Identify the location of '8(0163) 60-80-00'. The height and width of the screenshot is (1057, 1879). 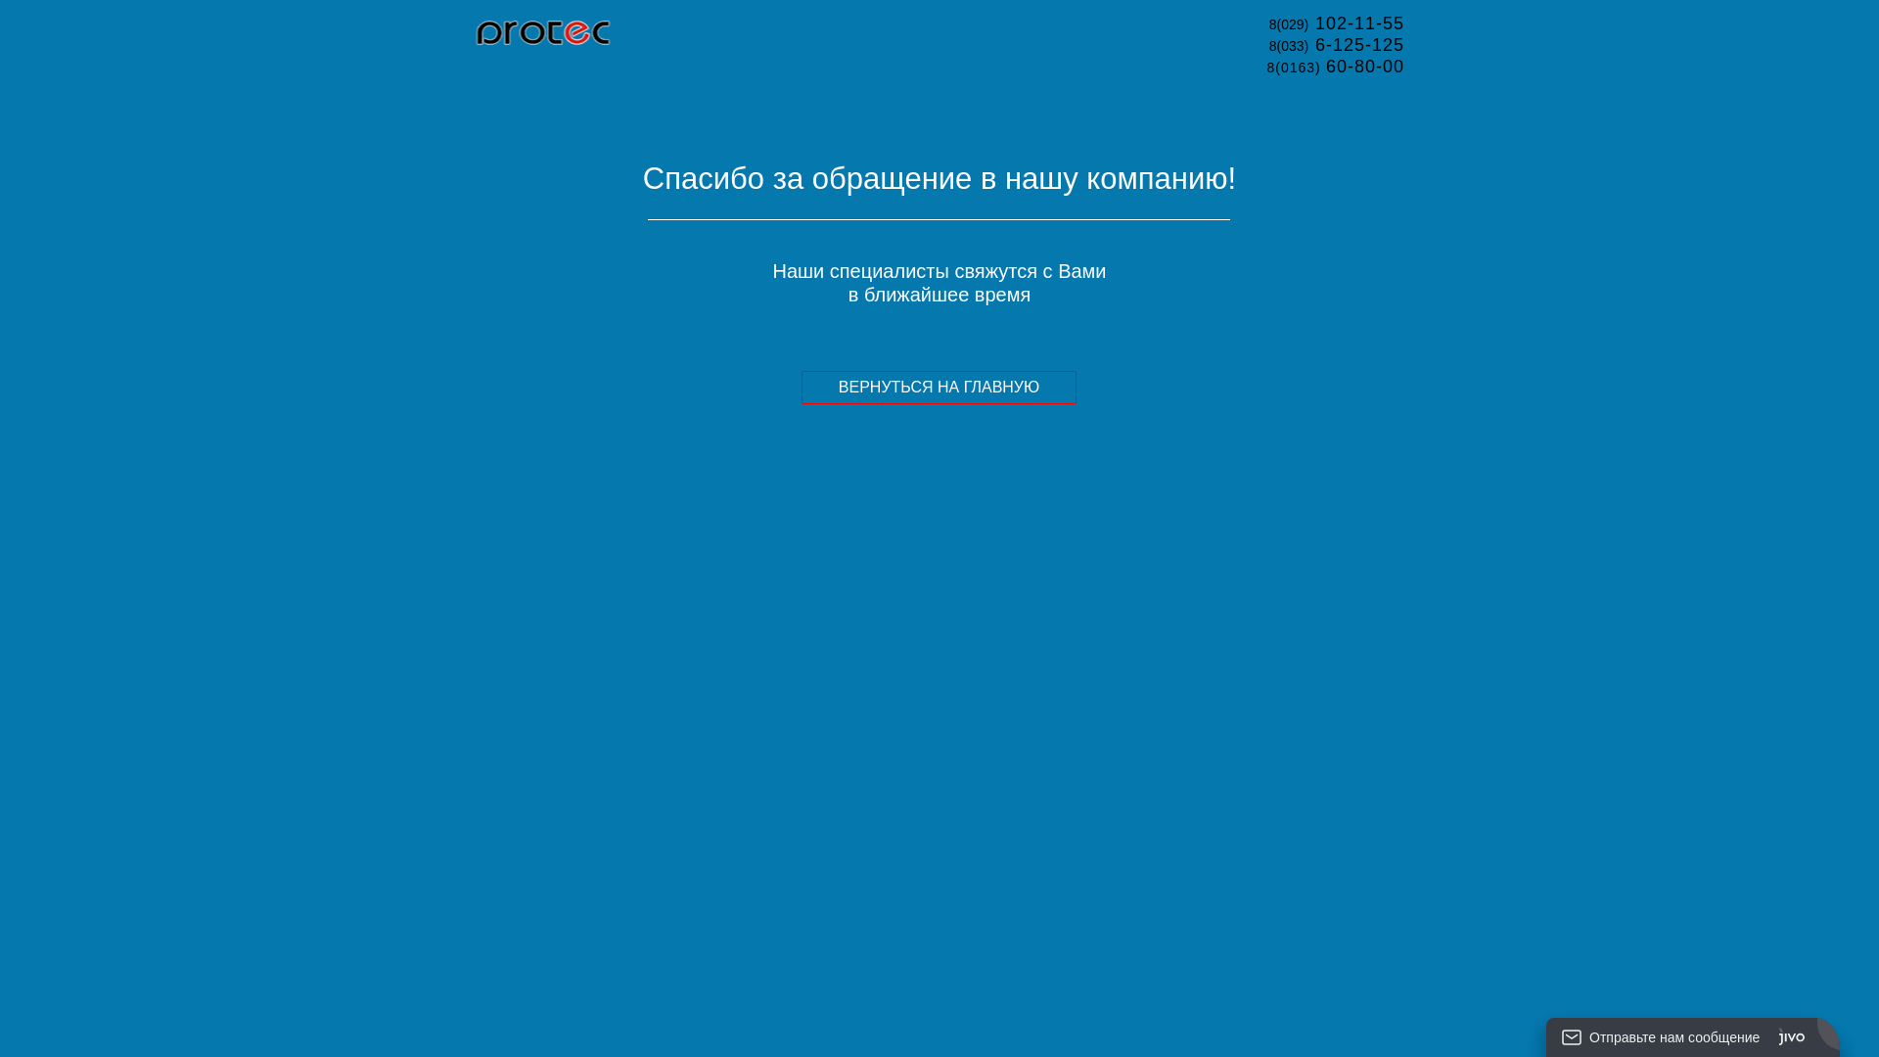
(1334, 67).